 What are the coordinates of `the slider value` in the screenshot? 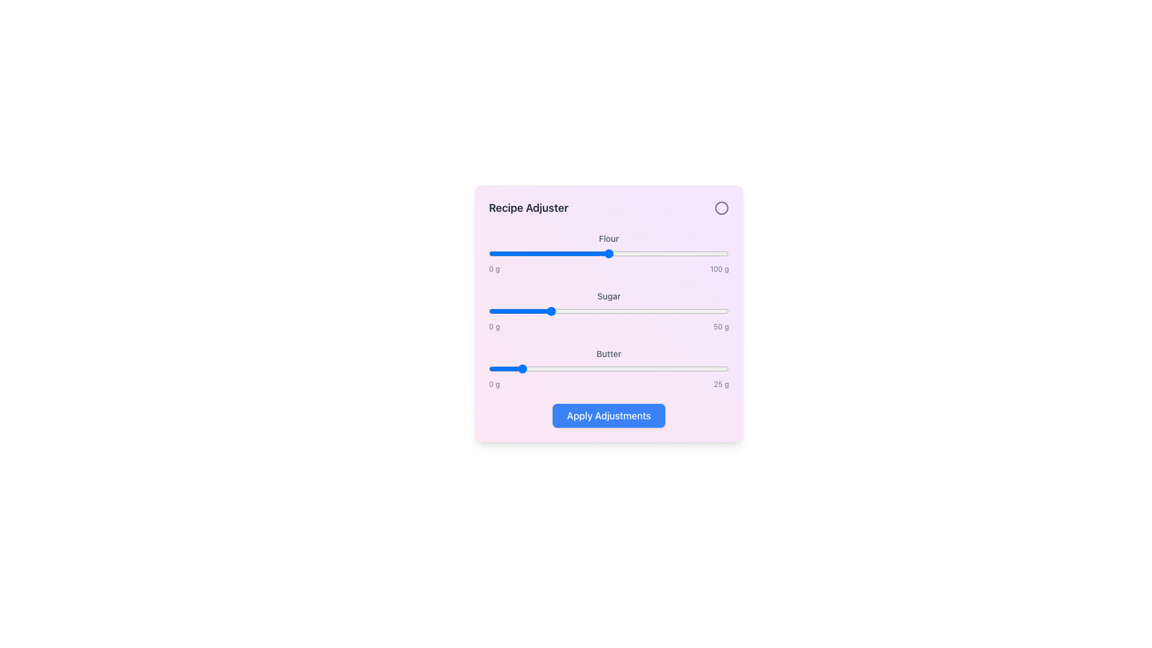 It's located at (538, 253).